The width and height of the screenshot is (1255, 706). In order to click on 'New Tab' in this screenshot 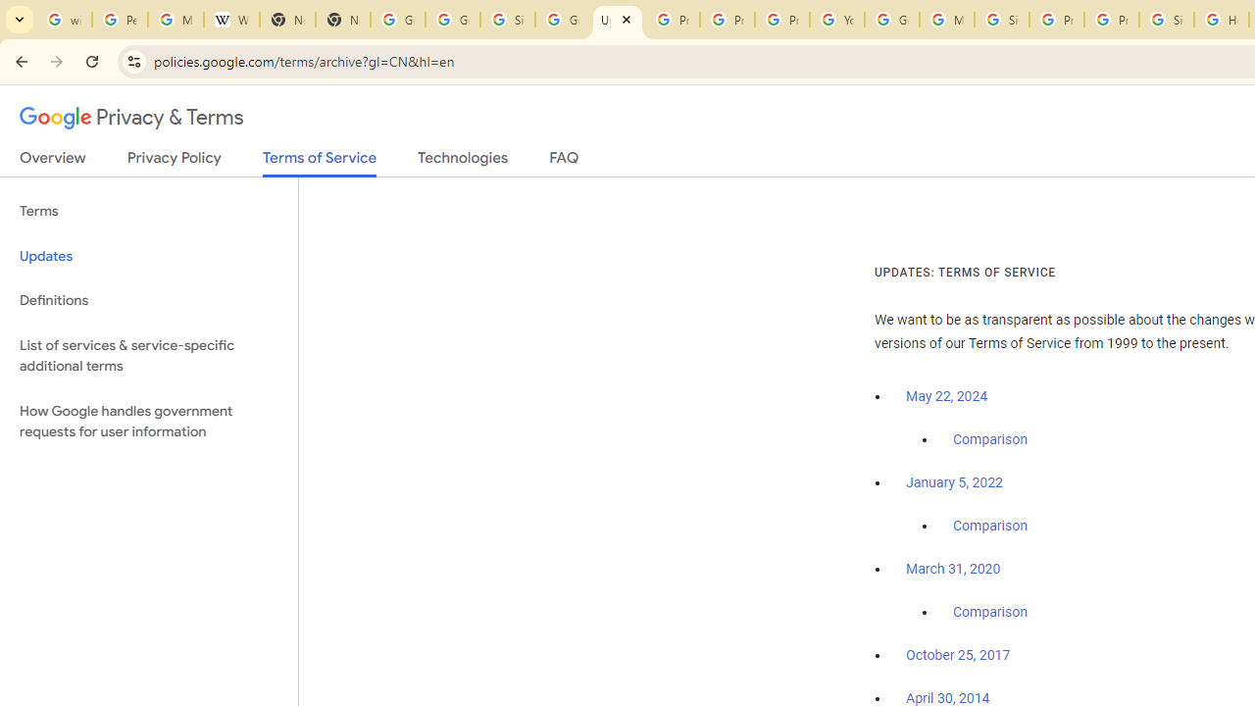, I will do `click(343, 20)`.